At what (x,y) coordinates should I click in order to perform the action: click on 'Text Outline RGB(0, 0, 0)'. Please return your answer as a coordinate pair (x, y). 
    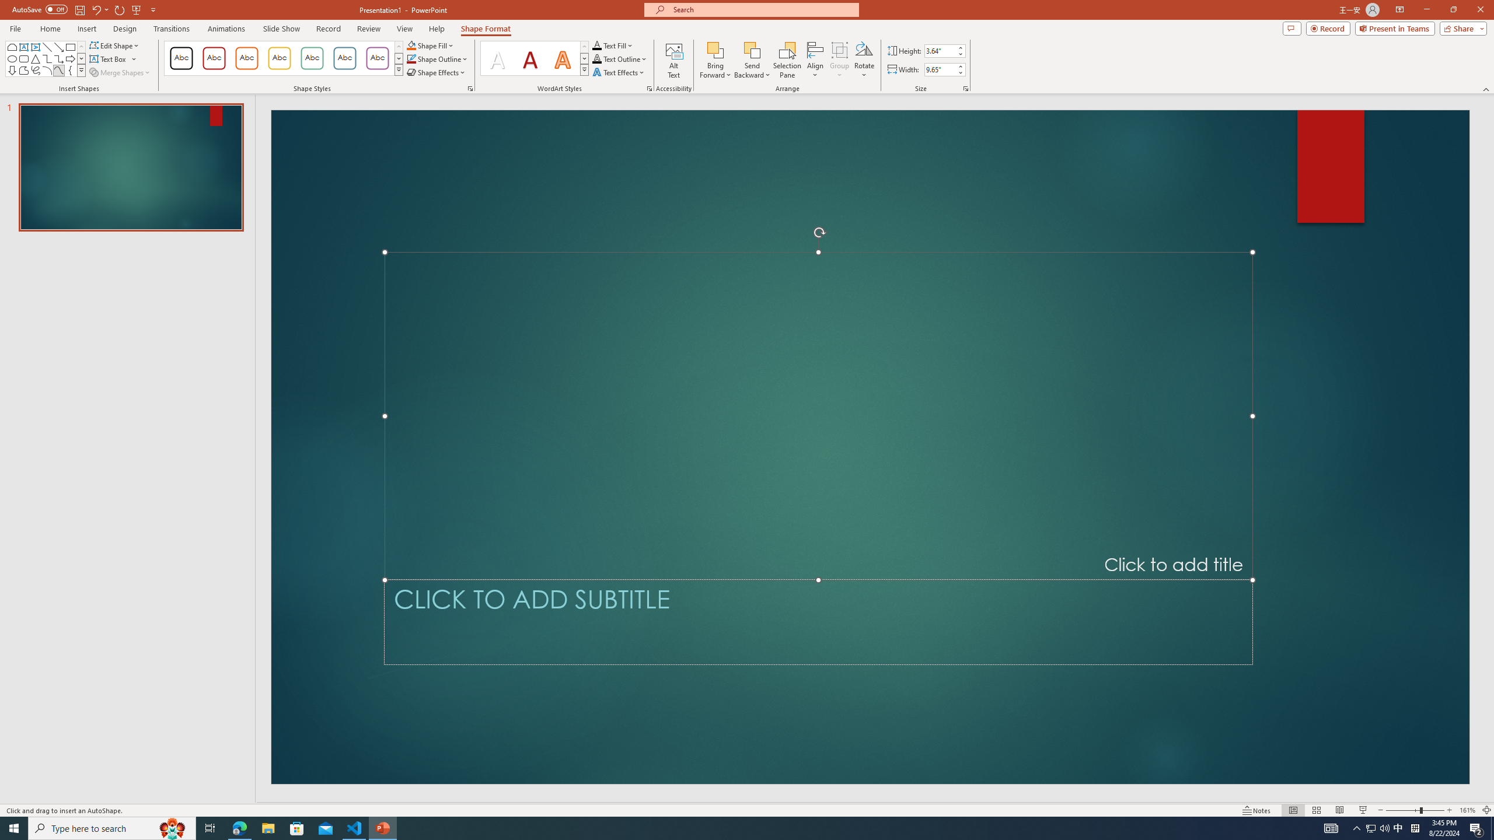
    Looking at the image, I should click on (596, 58).